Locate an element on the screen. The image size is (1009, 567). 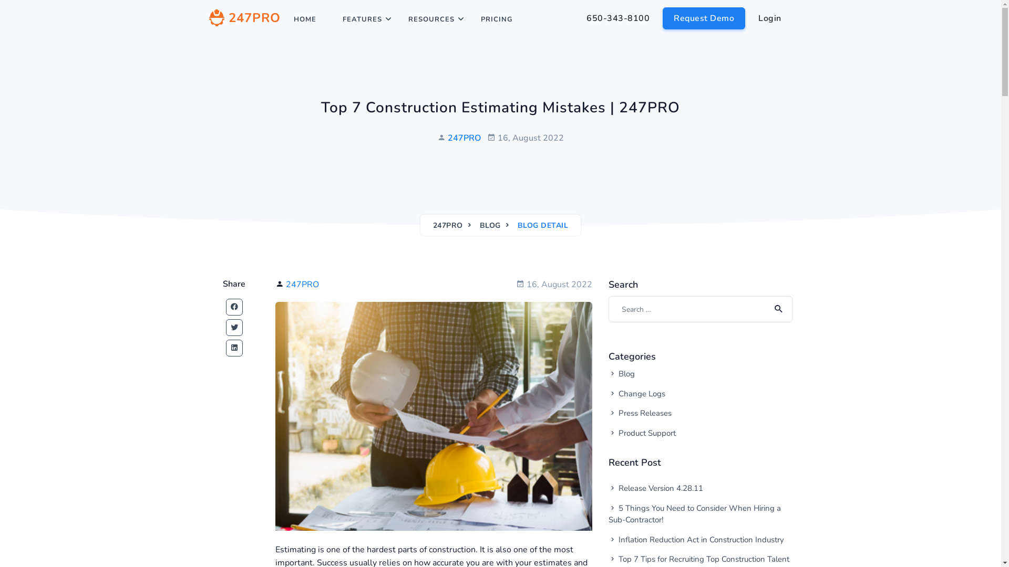
'Search' is located at coordinates (777, 309).